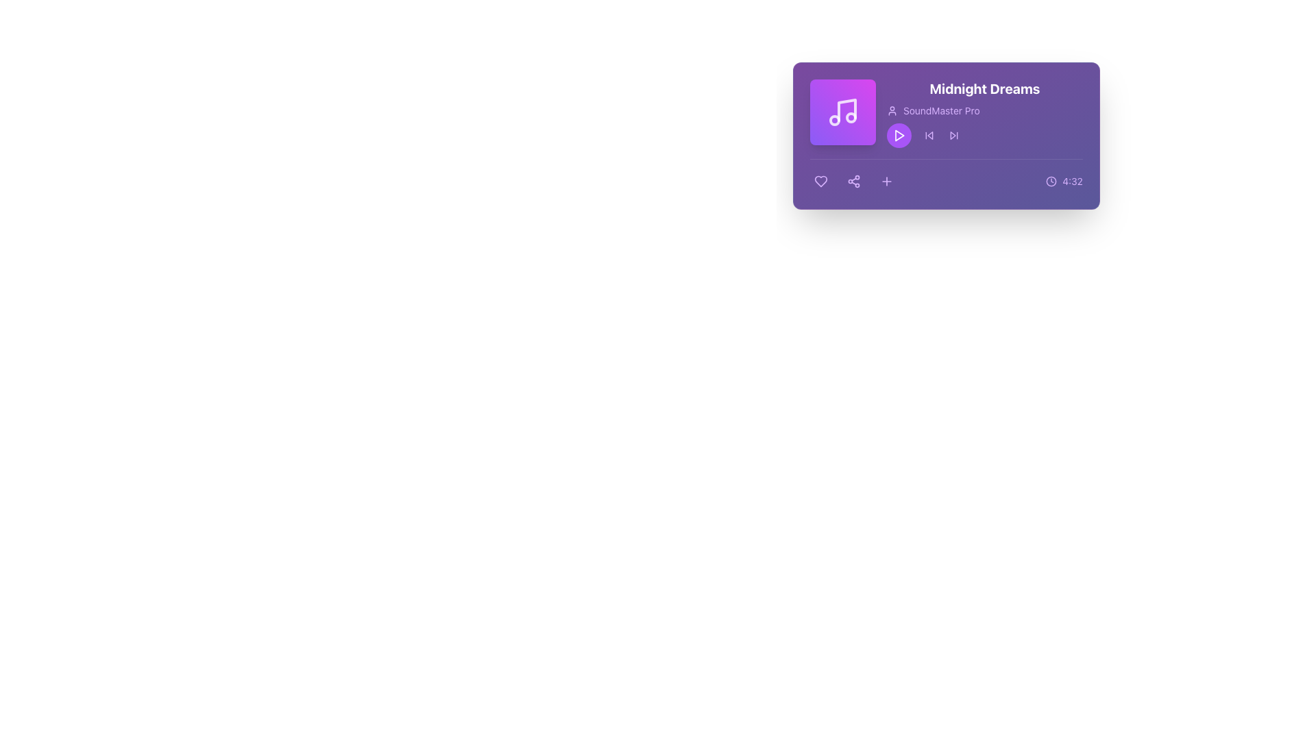 The image size is (1316, 740). I want to click on the triangular-shaped play button icon with a white outline, located within a circular button beneath the title 'Midnight Dreams', so click(899, 135).